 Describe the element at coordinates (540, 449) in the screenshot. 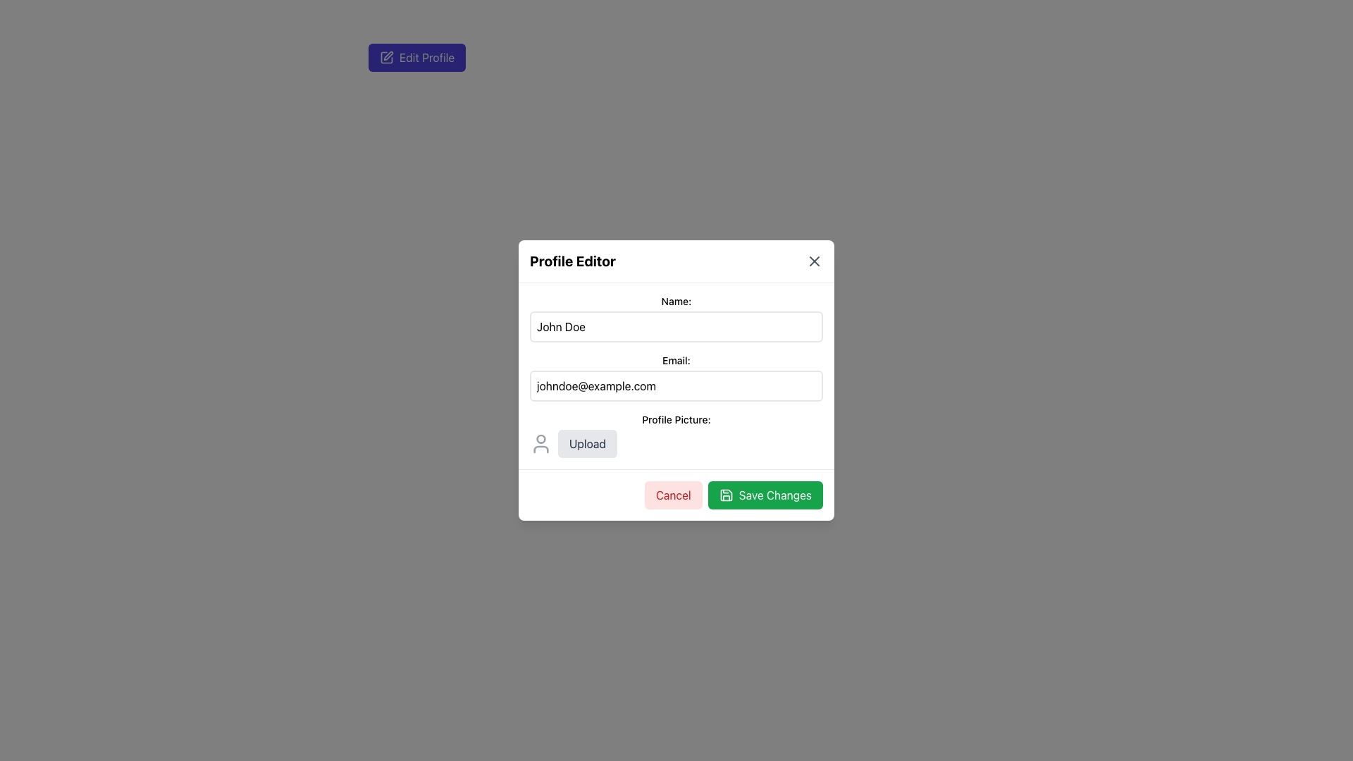

I see `the lower portion of the user profile icon, which is part of a minimalist SVG graphic, located near the 'Upload' button in the 'Profile Picture' section of the modal` at that location.